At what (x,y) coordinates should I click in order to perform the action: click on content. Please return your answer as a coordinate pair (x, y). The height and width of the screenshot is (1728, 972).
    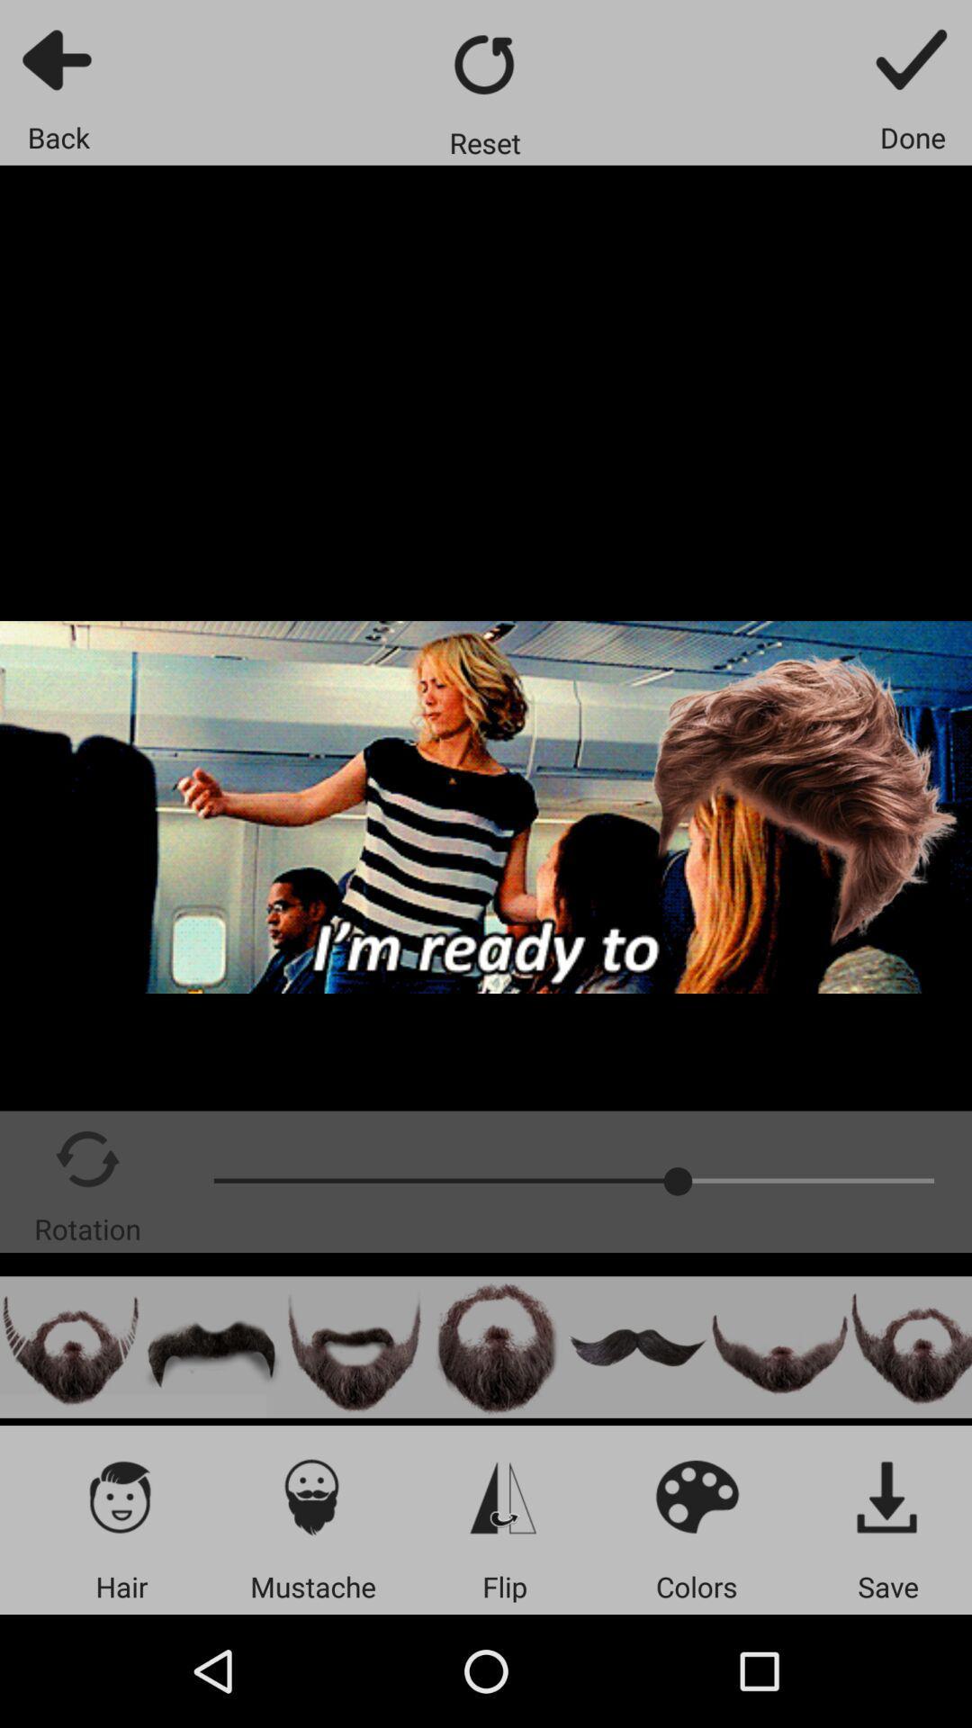
    Looking at the image, I should click on (354, 1347).